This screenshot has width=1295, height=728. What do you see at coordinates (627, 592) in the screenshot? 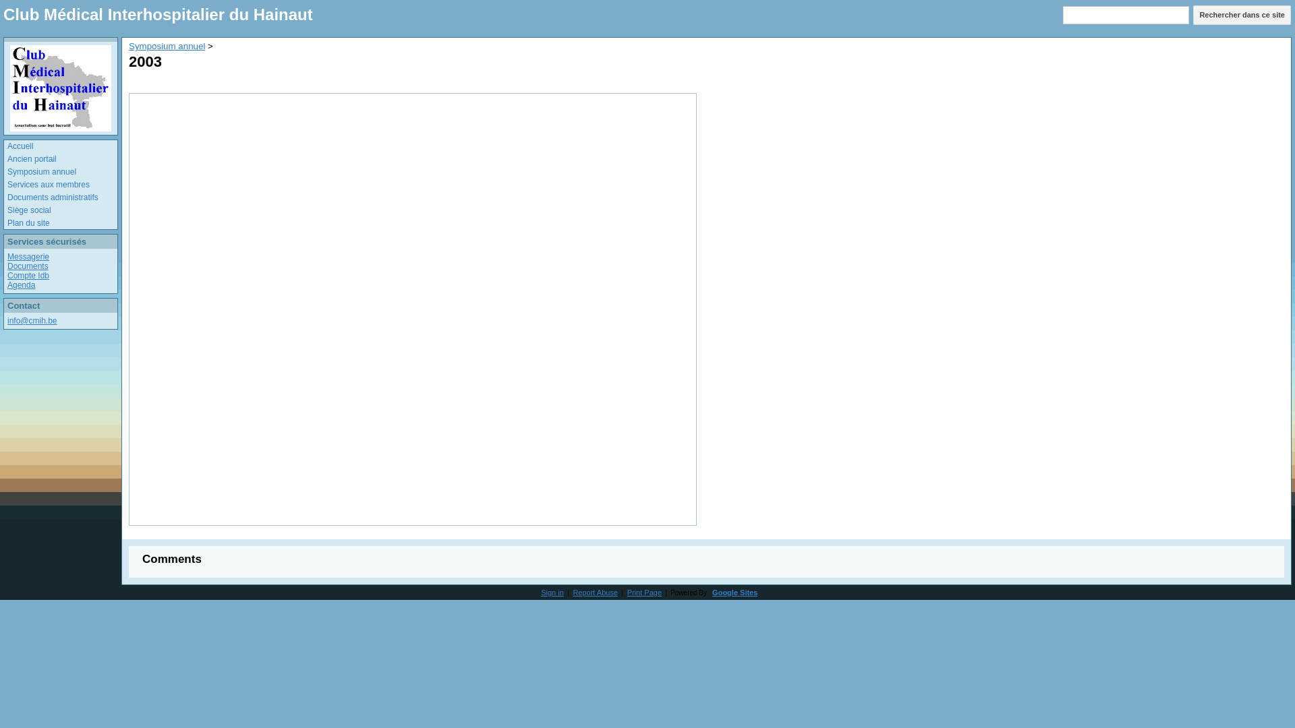
I see `'Print Page'` at bounding box center [627, 592].